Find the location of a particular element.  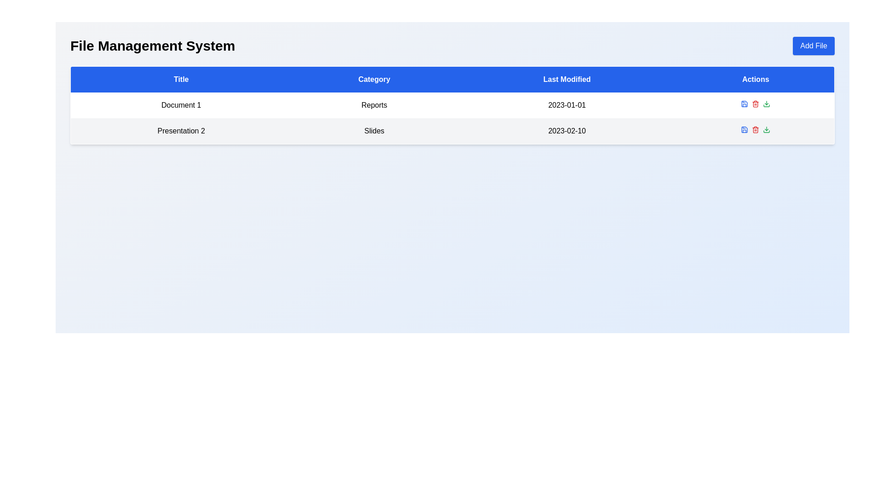

the 'Actions' column header label located in the top-right corner of the table header row, which is the fourth header following 'Last Modified' is located at coordinates (756, 79).